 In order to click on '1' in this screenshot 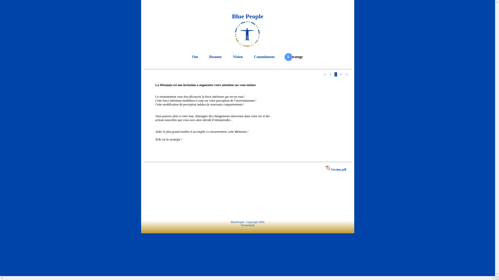, I will do `click(329, 74)`.